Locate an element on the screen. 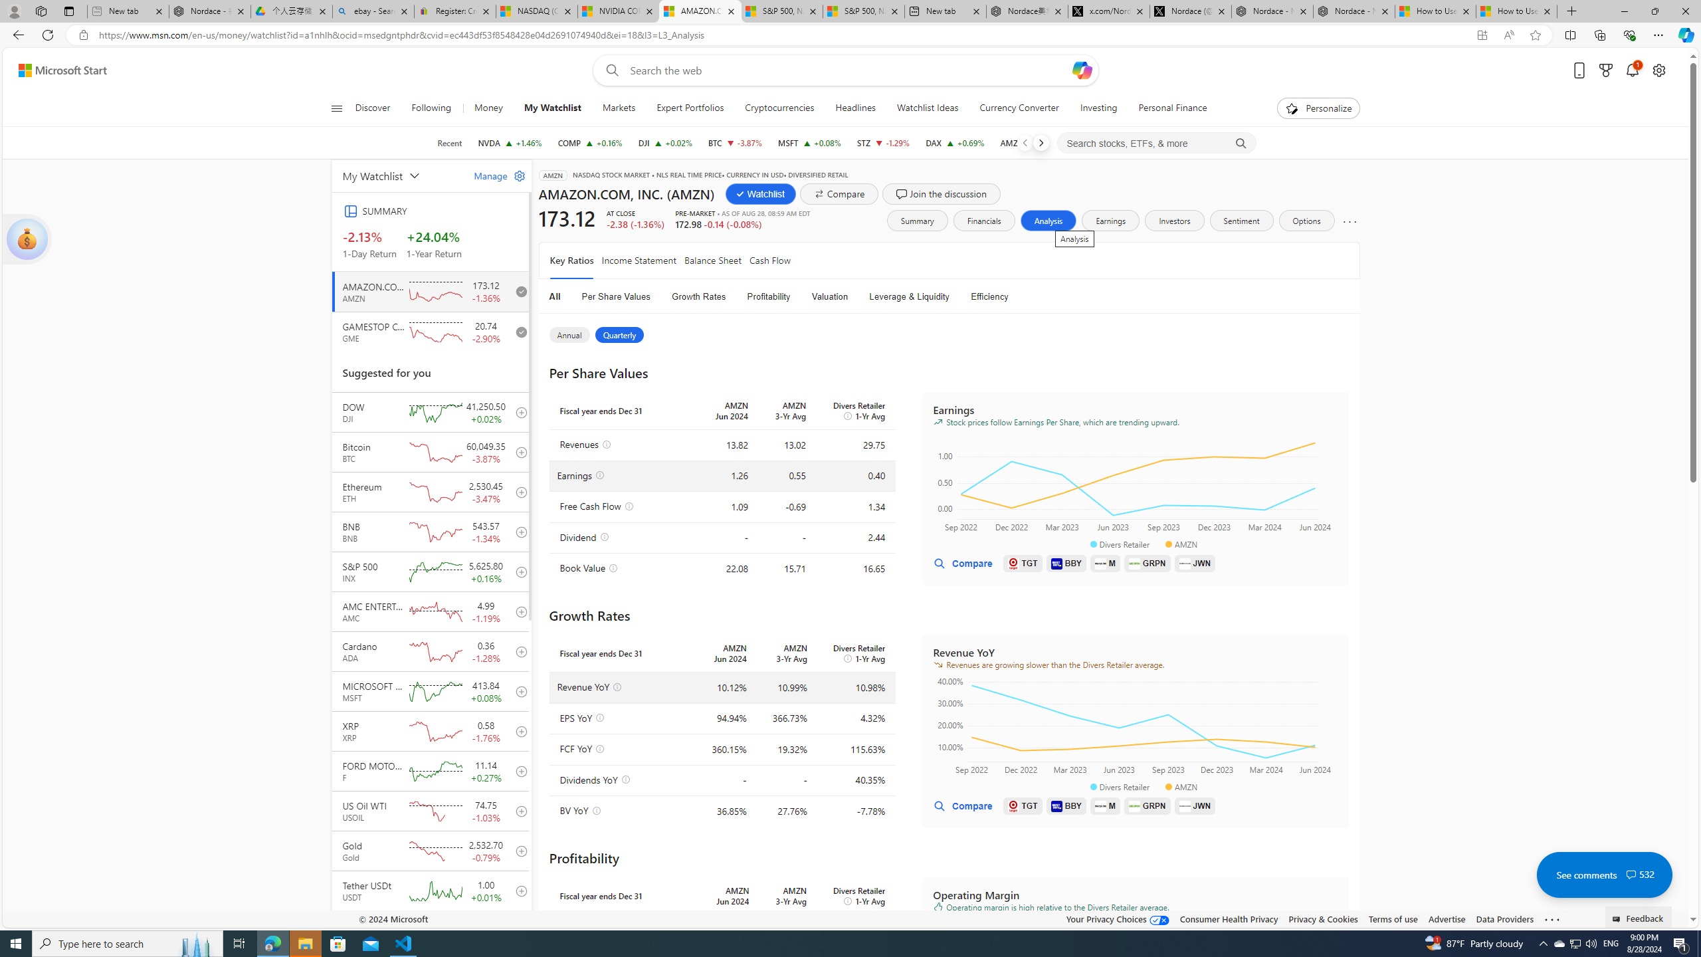  'See comments 532' is located at coordinates (1603, 874).